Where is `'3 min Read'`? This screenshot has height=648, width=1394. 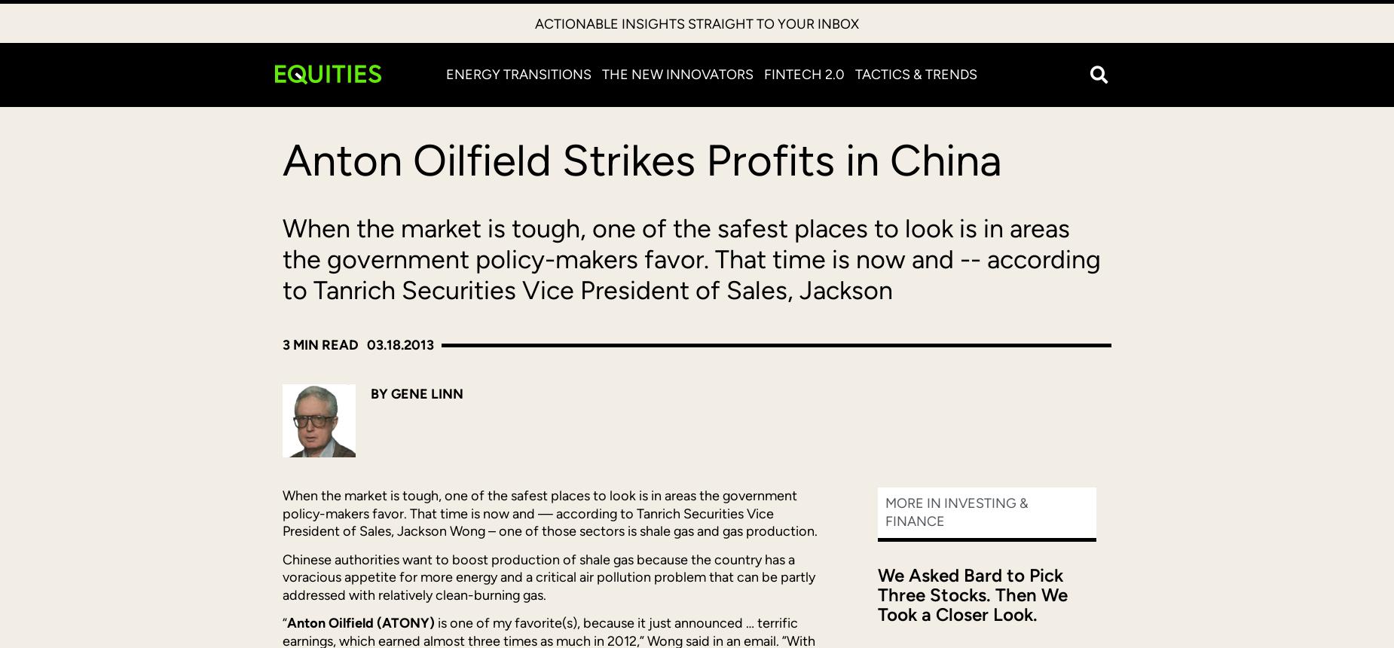
'3 min Read' is located at coordinates (319, 344).